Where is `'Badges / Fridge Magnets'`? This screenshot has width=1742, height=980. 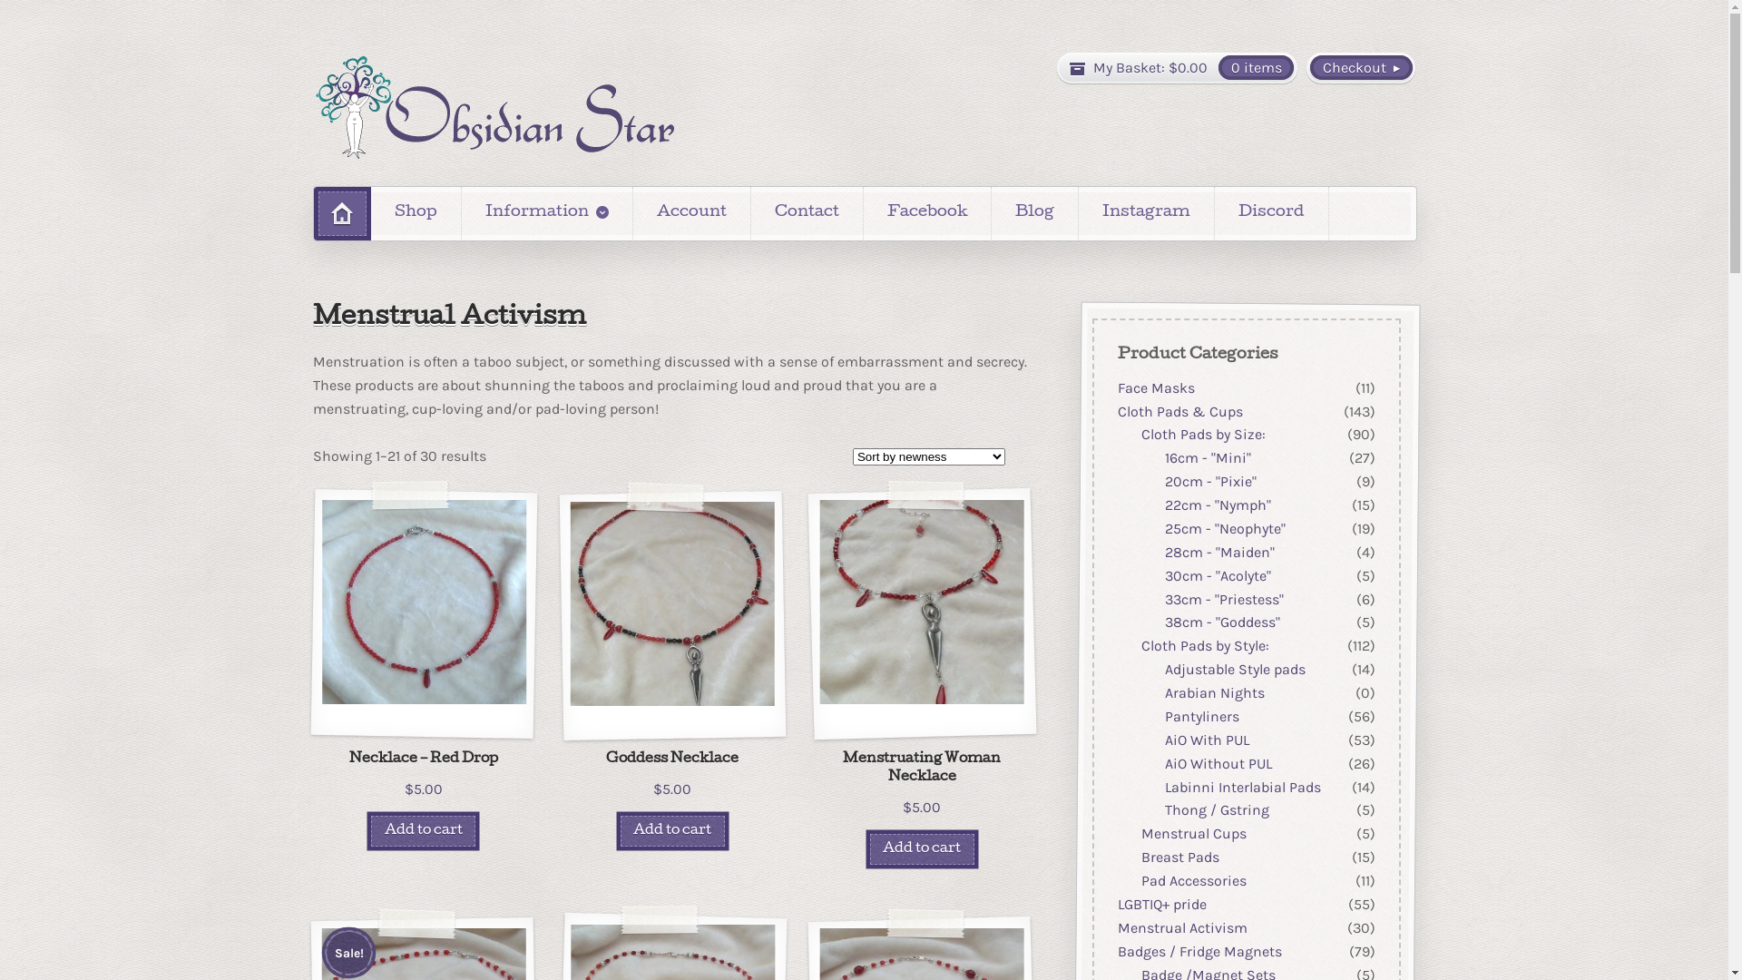
'Badges / Fridge Magnets' is located at coordinates (1199, 950).